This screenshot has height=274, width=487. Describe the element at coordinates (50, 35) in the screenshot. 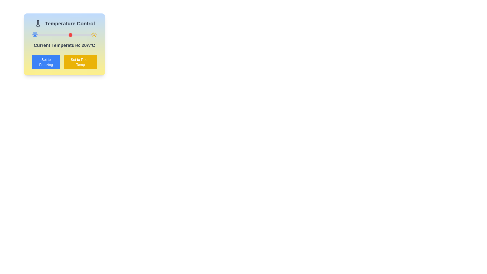

I see `the temperature` at that location.